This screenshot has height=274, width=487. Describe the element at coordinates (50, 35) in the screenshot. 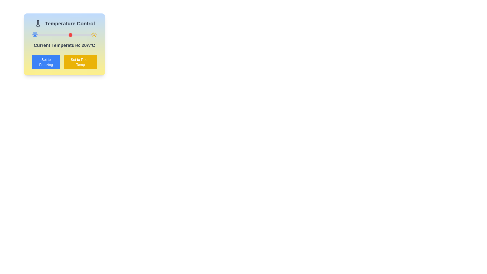

I see `the temperature` at that location.